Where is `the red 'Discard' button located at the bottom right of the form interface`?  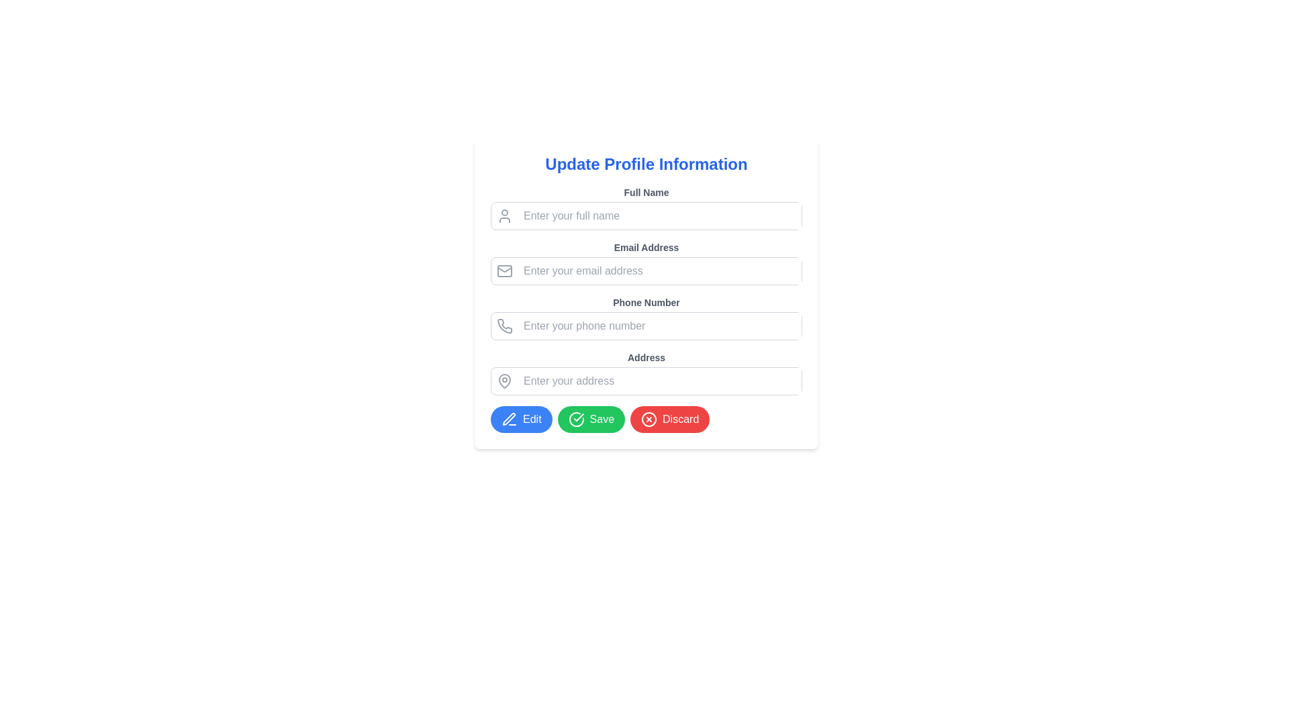
the red 'Discard' button located at the bottom right of the form interface is located at coordinates (649, 418).